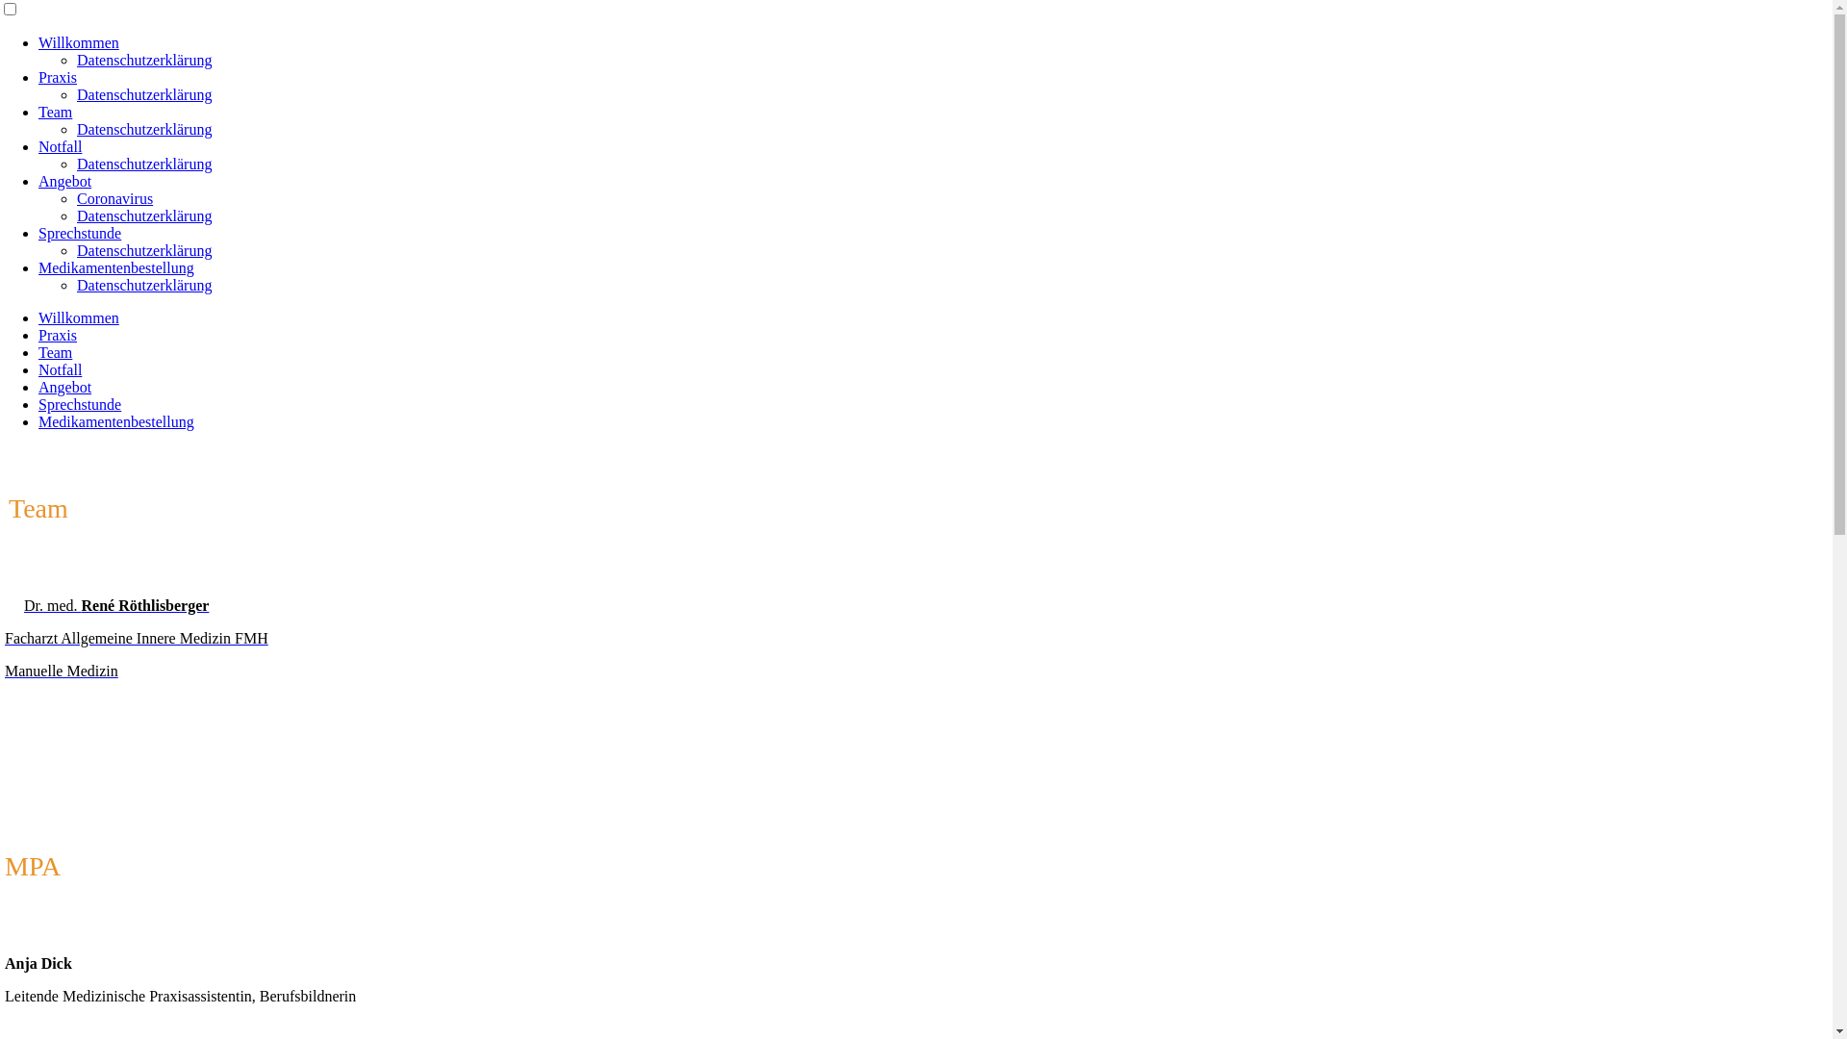 The height and width of the screenshot is (1039, 1847). I want to click on 'Medikamentenbestellung', so click(38, 420).